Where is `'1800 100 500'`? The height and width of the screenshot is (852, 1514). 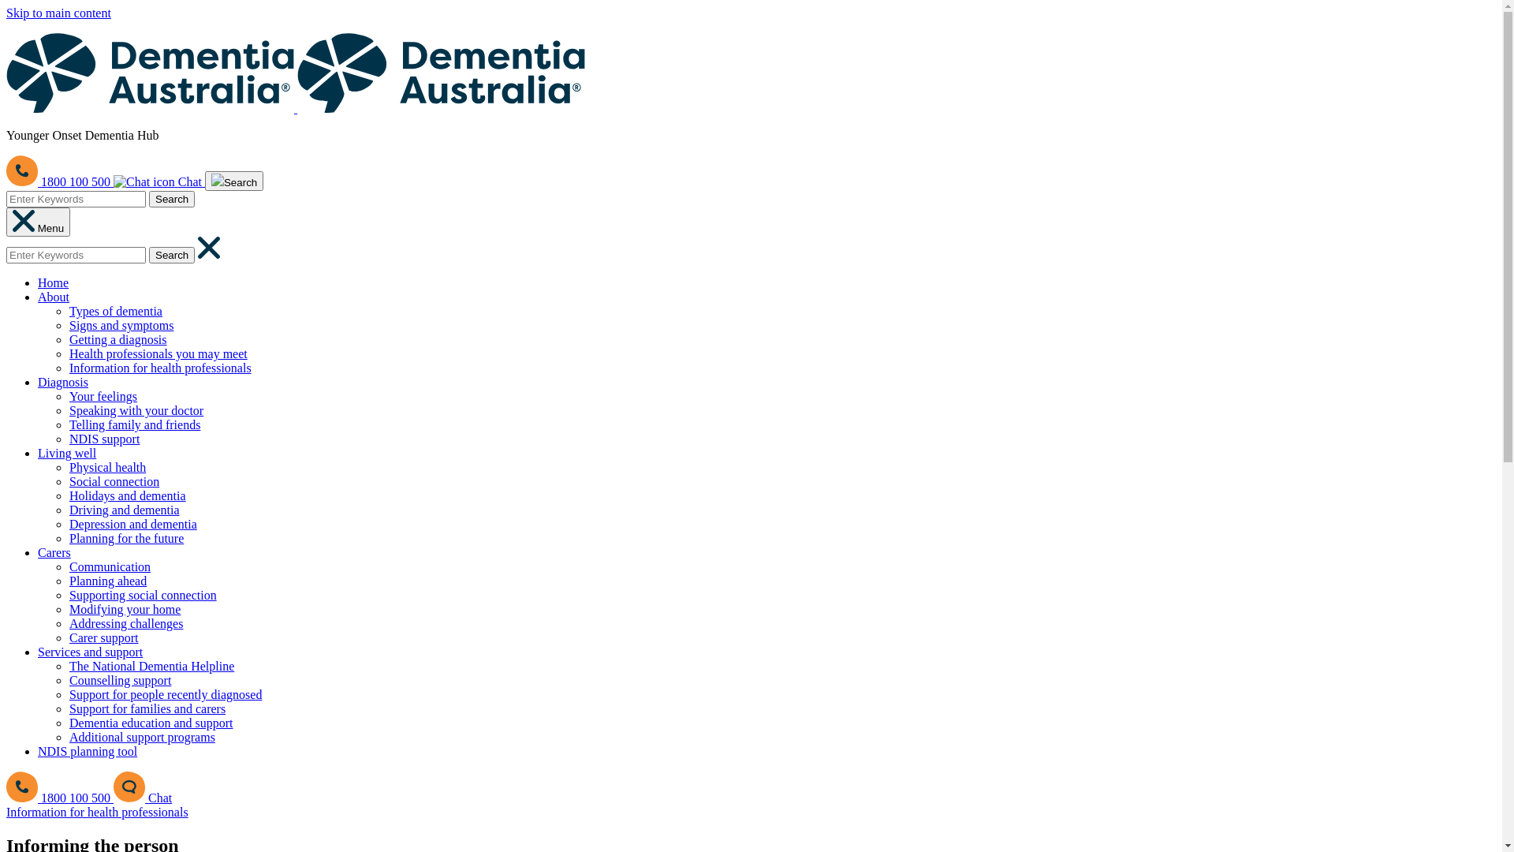
'1800 100 500' is located at coordinates (60, 181).